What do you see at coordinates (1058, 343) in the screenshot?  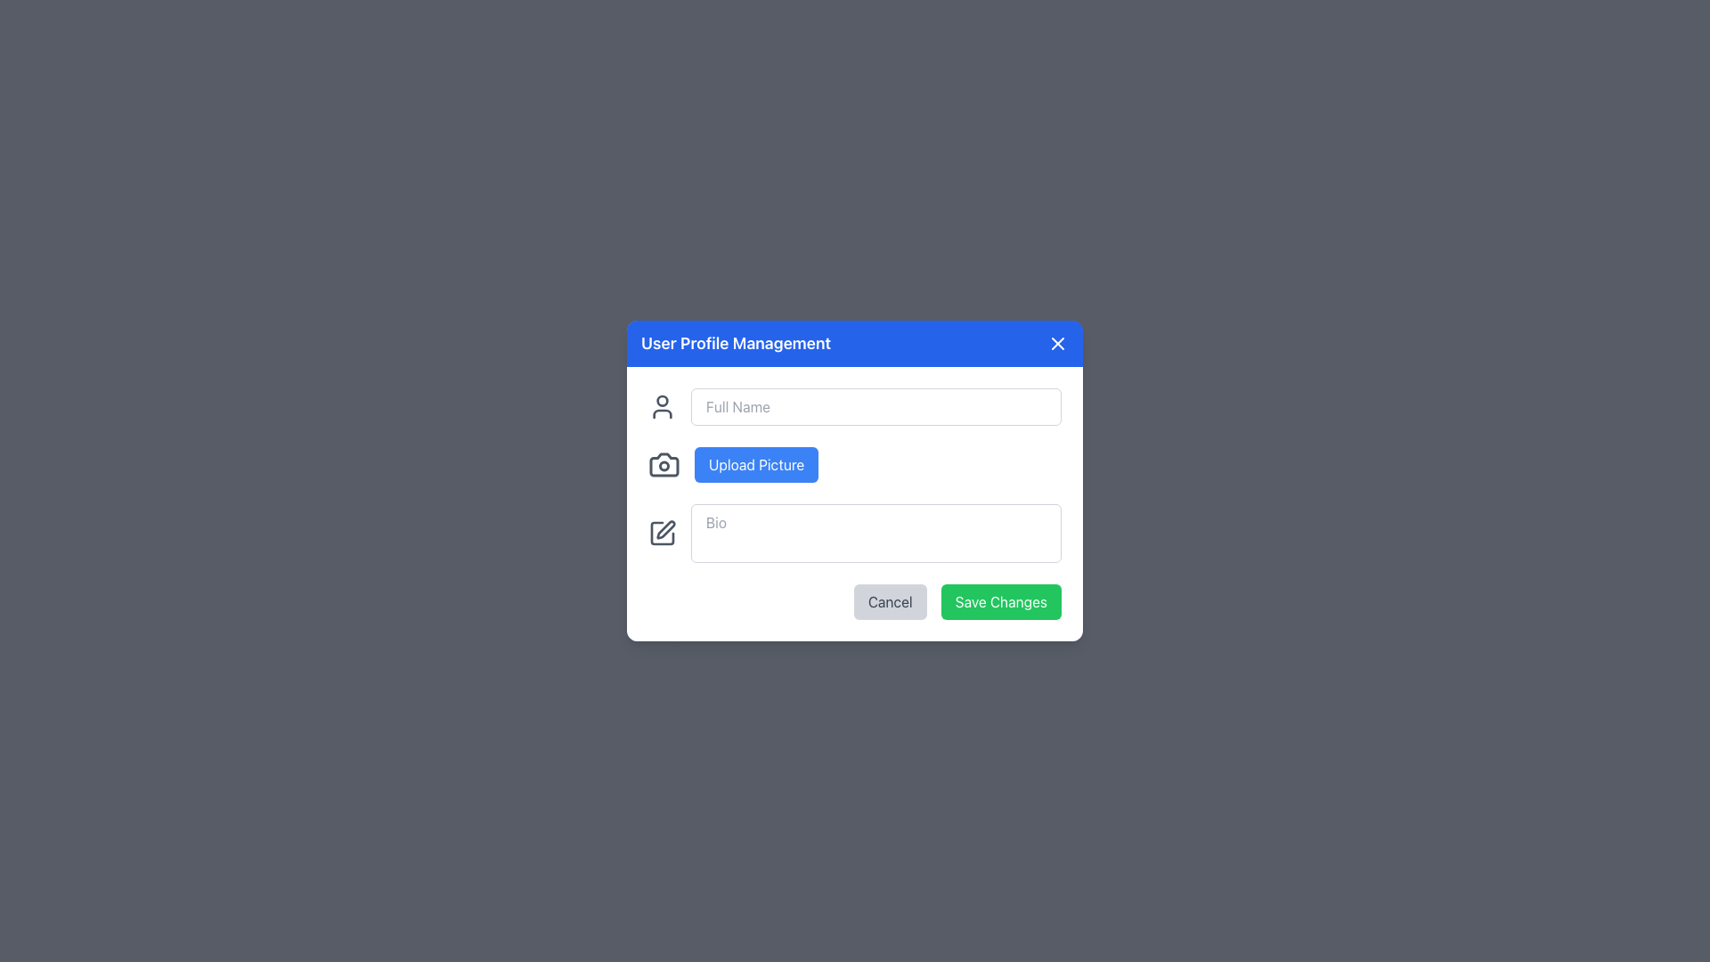 I see `the white 'X' icon button located at the top-right corner of the 'User Profile Management' modal header` at bounding box center [1058, 343].